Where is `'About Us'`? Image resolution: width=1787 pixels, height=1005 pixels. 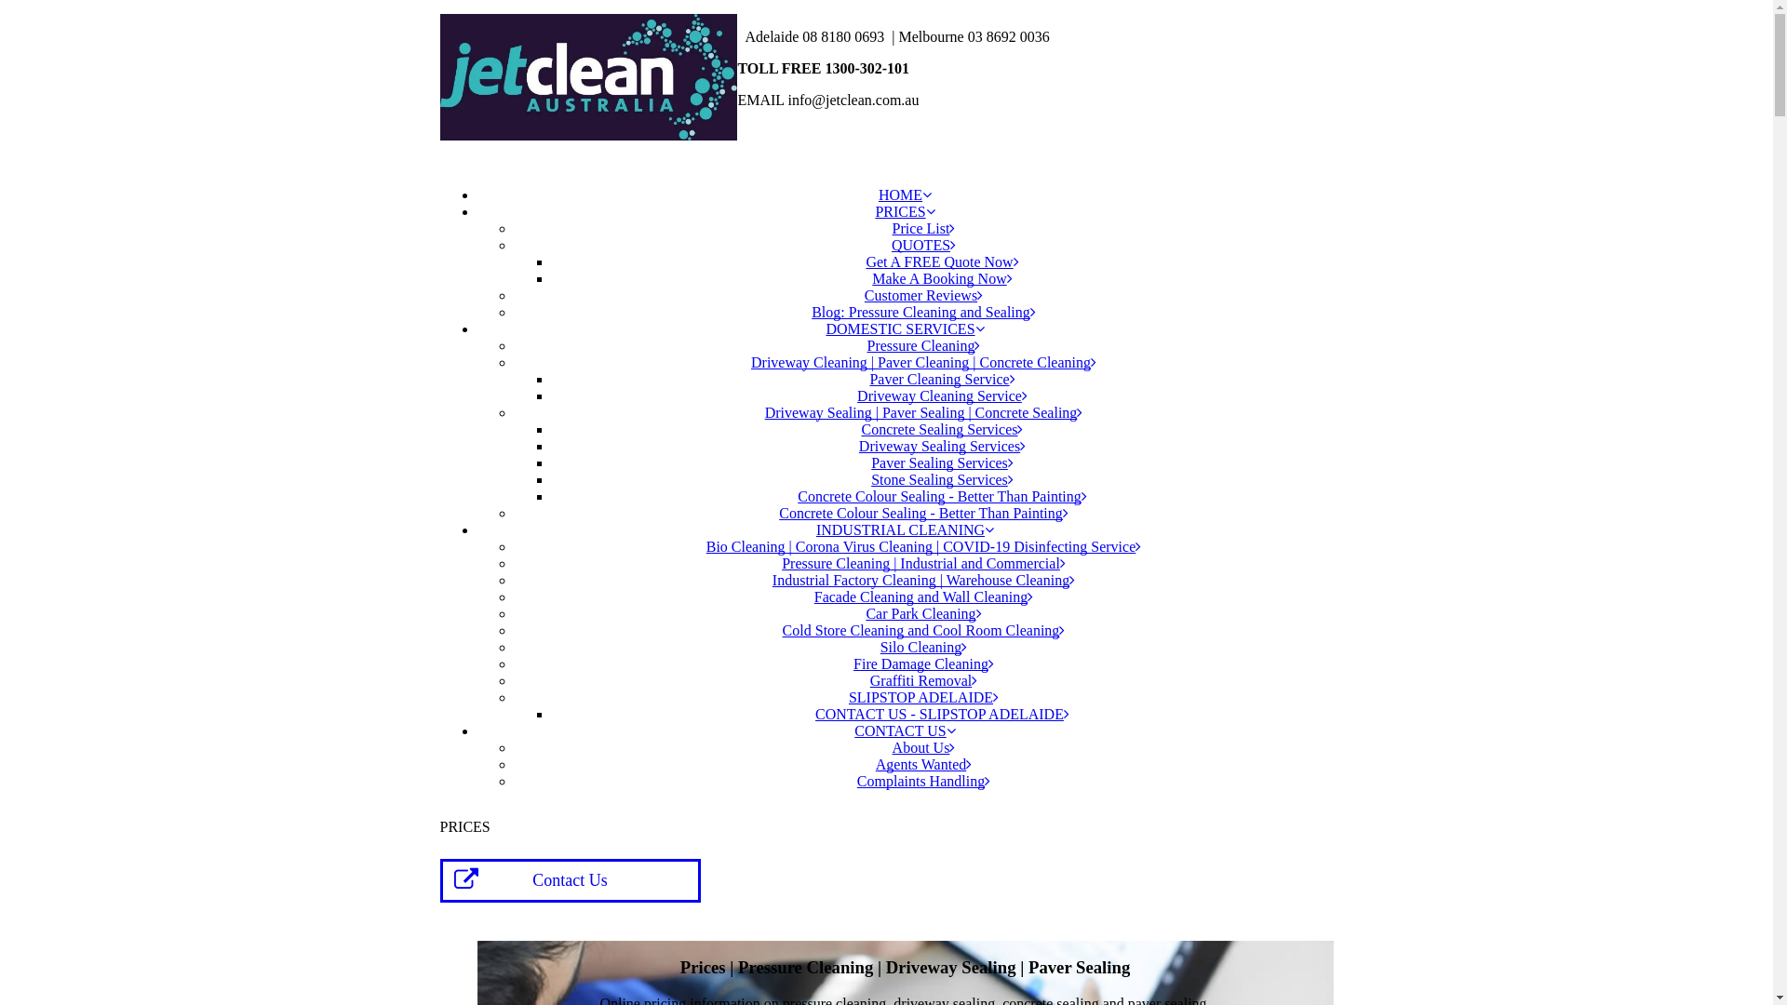 'About Us' is located at coordinates (924, 746).